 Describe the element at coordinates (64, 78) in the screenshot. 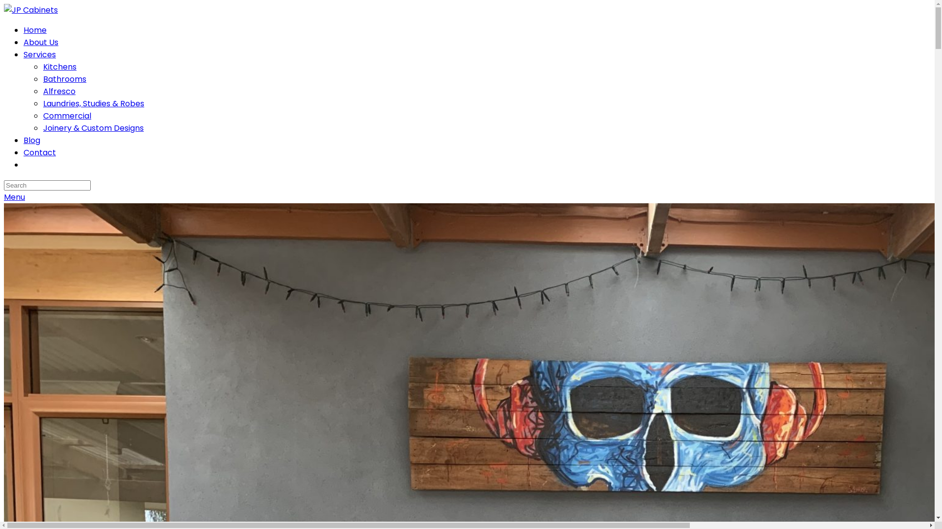

I see `'Bathrooms'` at that location.